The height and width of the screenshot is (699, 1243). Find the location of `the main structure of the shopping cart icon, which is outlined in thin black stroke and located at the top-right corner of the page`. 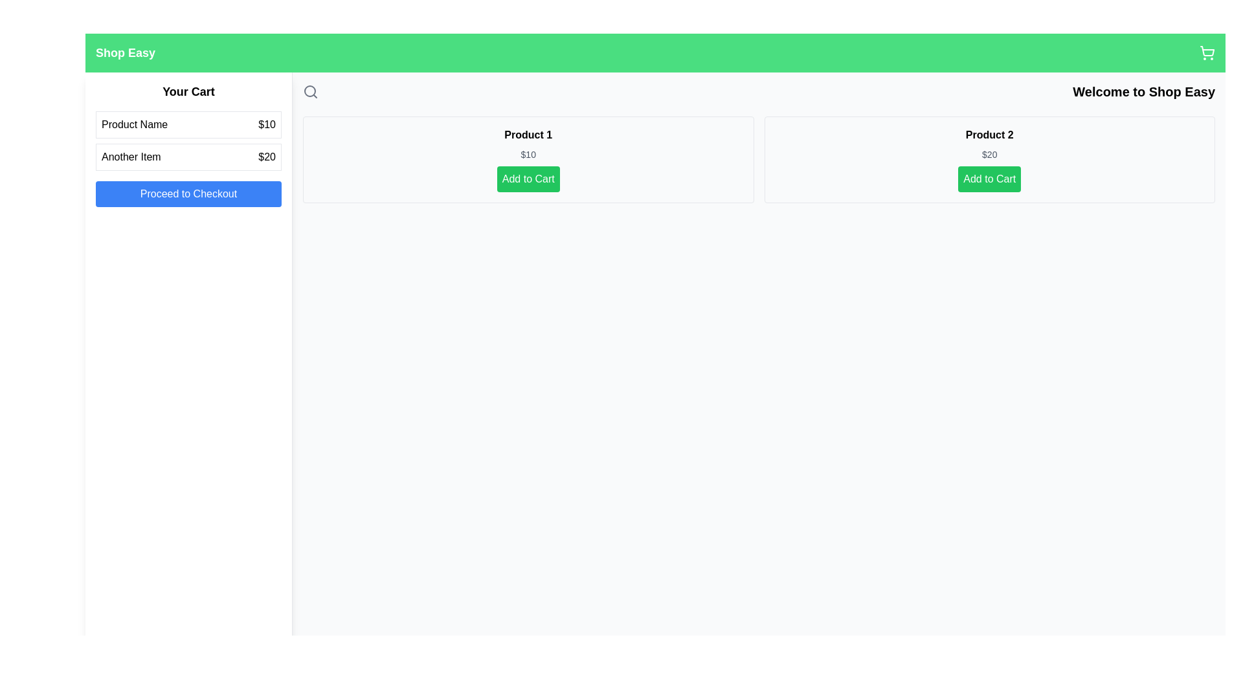

the main structure of the shopping cart icon, which is outlined in thin black stroke and located at the top-right corner of the page is located at coordinates (1207, 50).